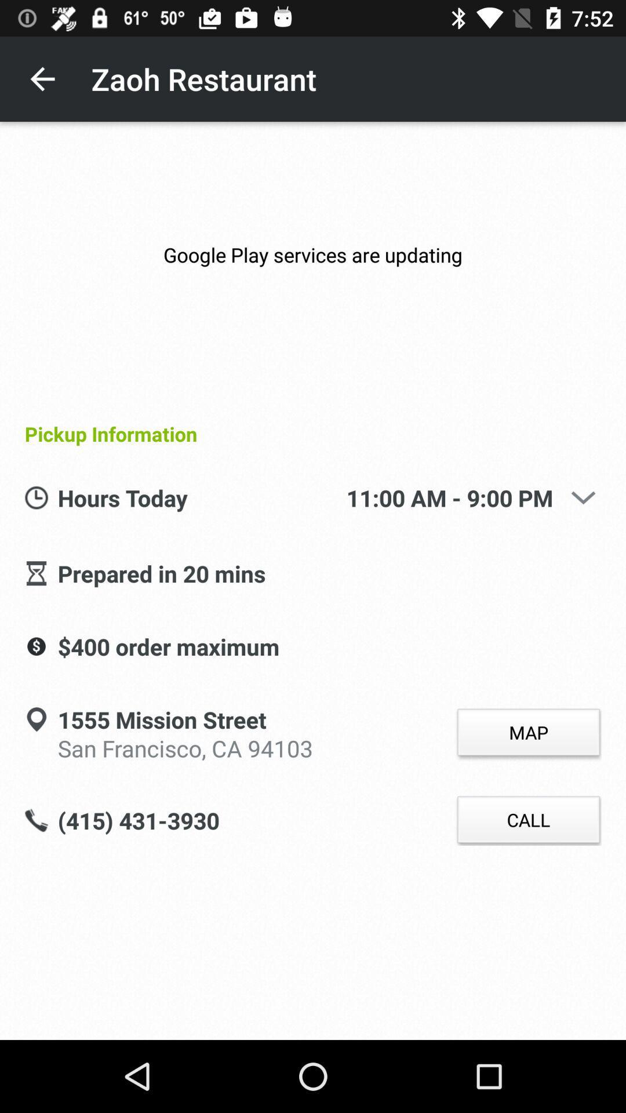  I want to click on icon above the prepared in 20, so click(201, 499).